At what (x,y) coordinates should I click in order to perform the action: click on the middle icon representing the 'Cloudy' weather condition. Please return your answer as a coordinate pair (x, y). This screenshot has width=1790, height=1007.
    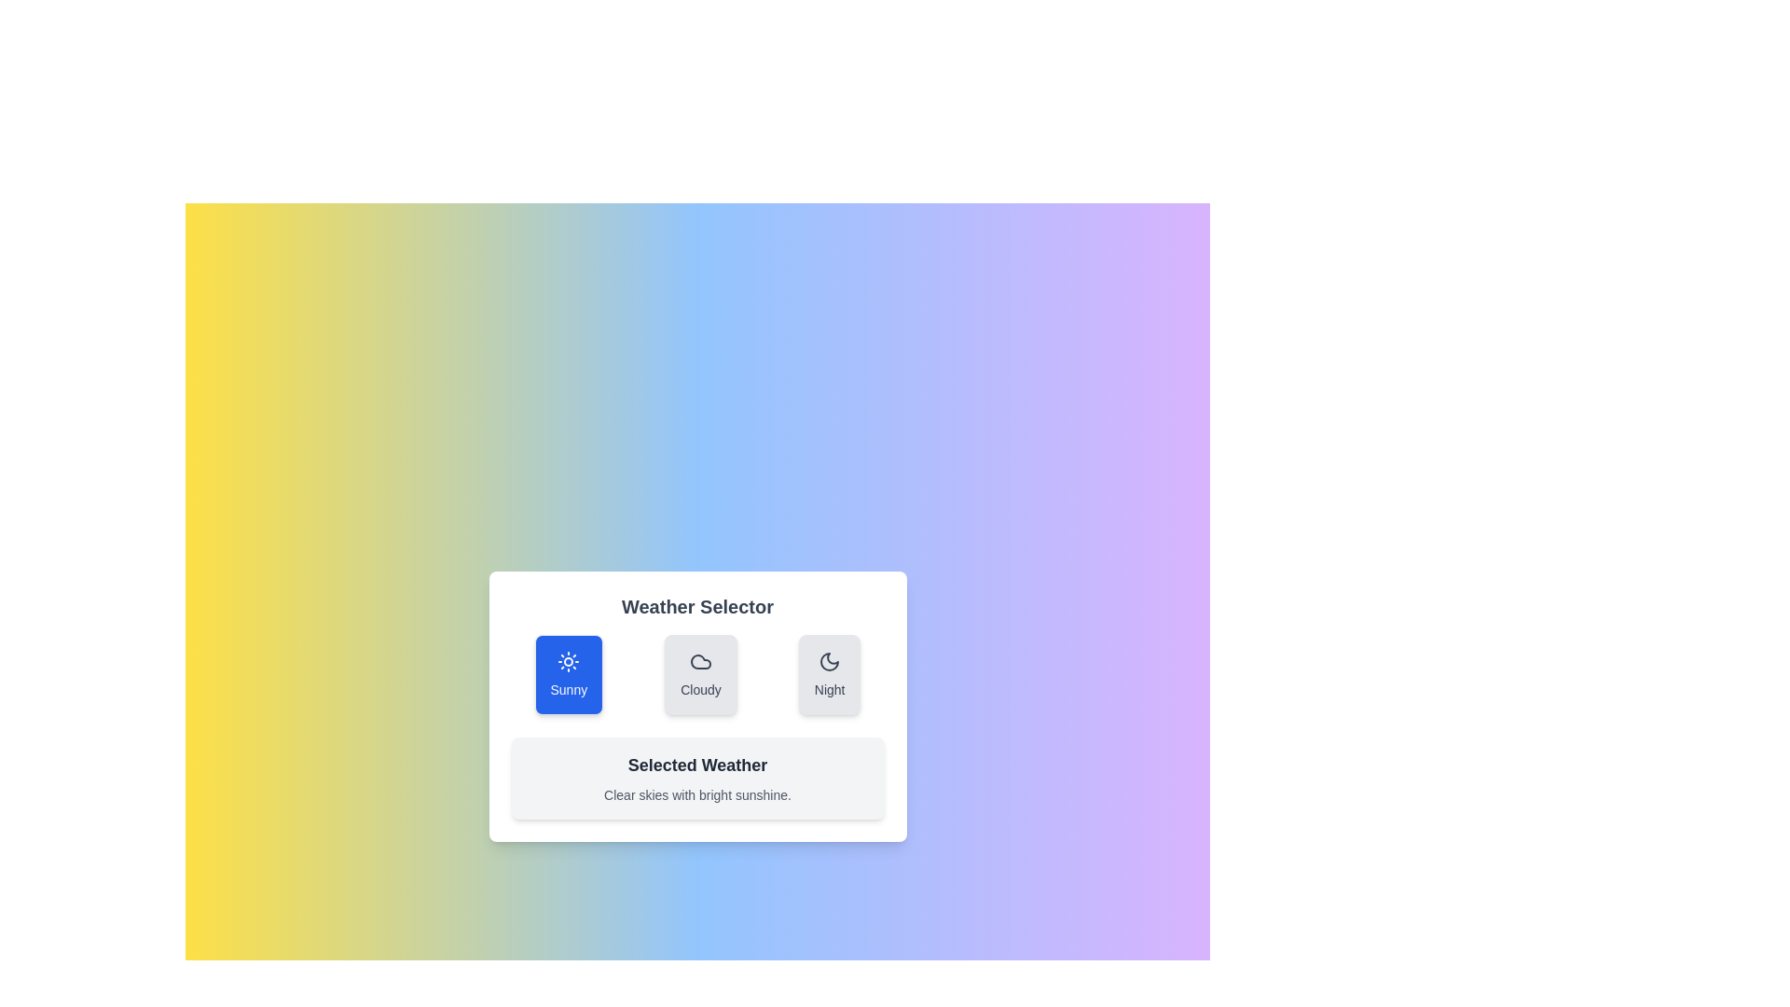
    Looking at the image, I should click on (700, 660).